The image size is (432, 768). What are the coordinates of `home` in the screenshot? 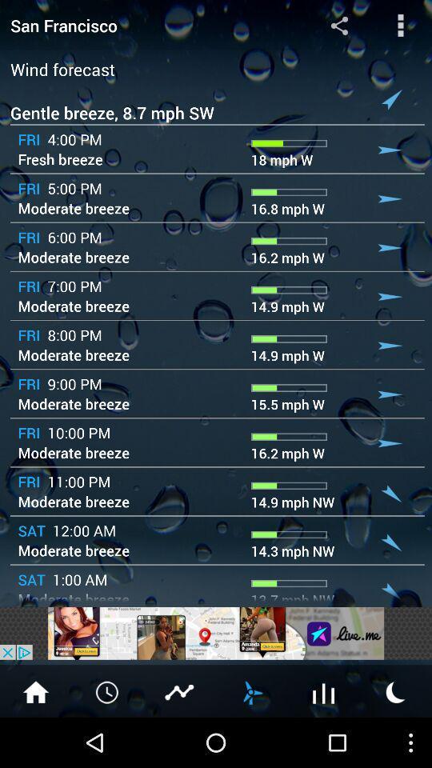 It's located at (35, 690).